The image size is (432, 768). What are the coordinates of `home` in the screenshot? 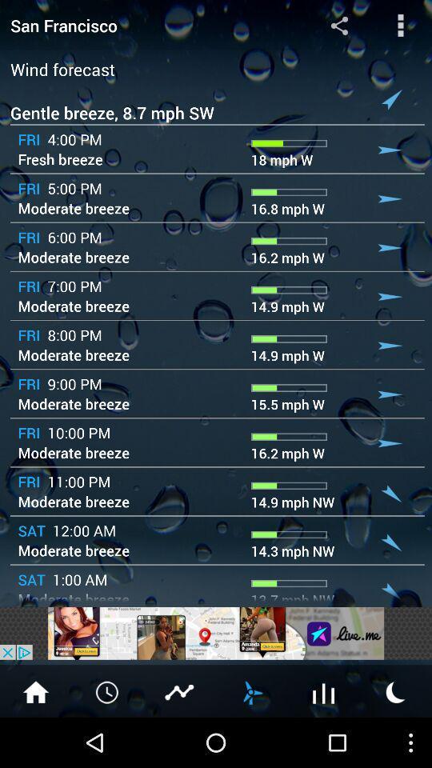 It's located at (35, 690).